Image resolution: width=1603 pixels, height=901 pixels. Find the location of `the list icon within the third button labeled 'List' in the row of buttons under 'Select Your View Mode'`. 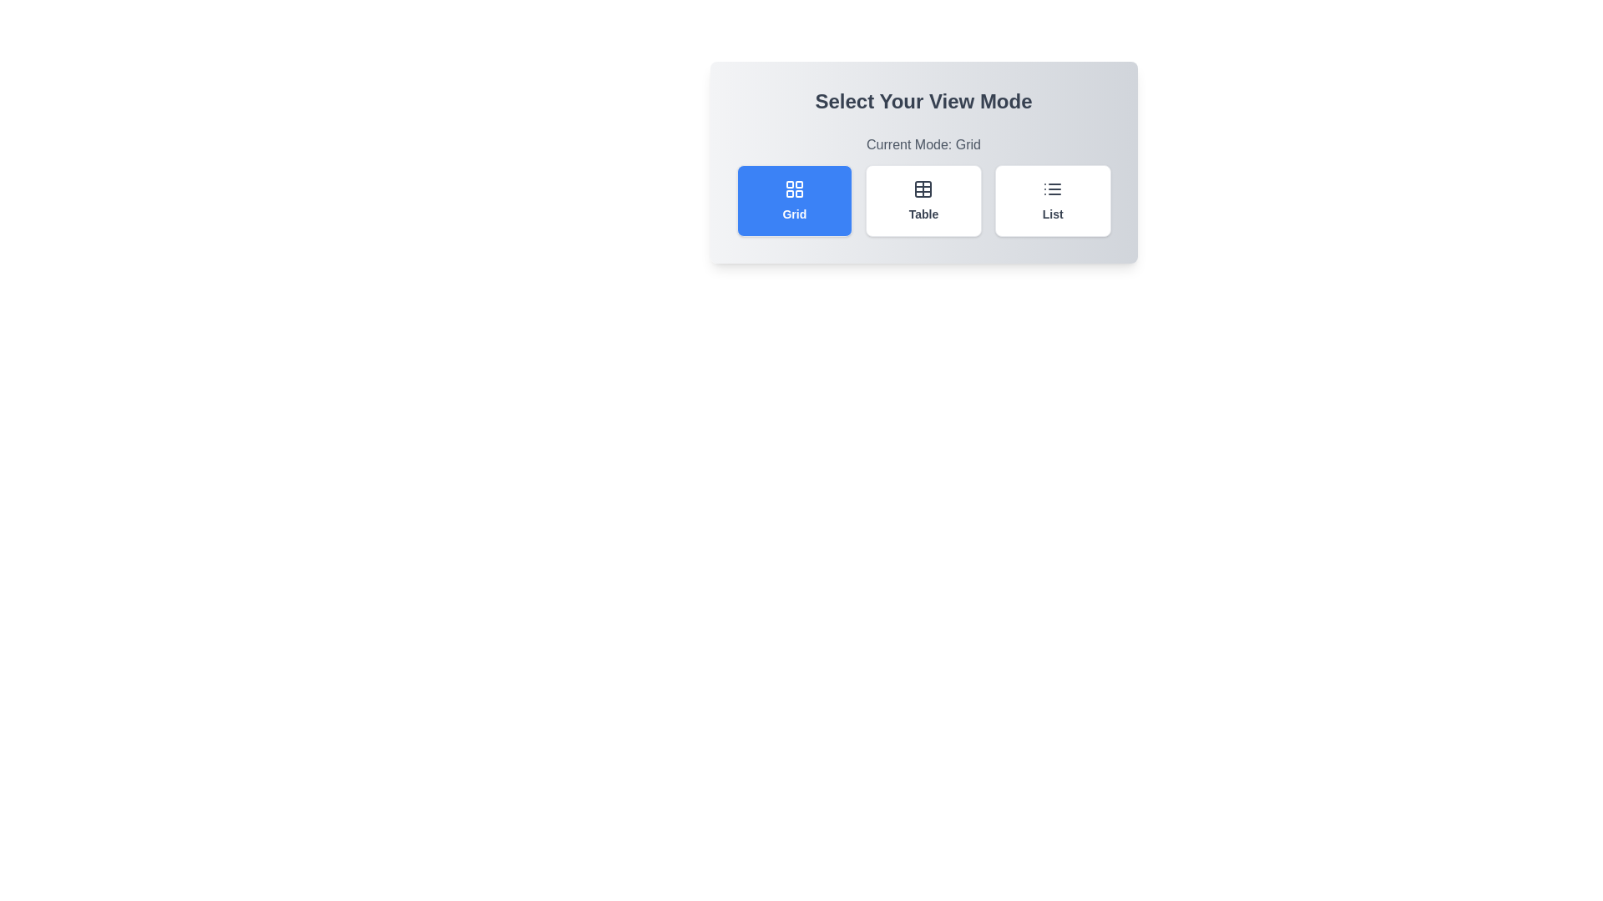

the list icon within the third button labeled 'List' in the row of buttons under 'Select Your View Mode' is located at coordinates (1052, 189).